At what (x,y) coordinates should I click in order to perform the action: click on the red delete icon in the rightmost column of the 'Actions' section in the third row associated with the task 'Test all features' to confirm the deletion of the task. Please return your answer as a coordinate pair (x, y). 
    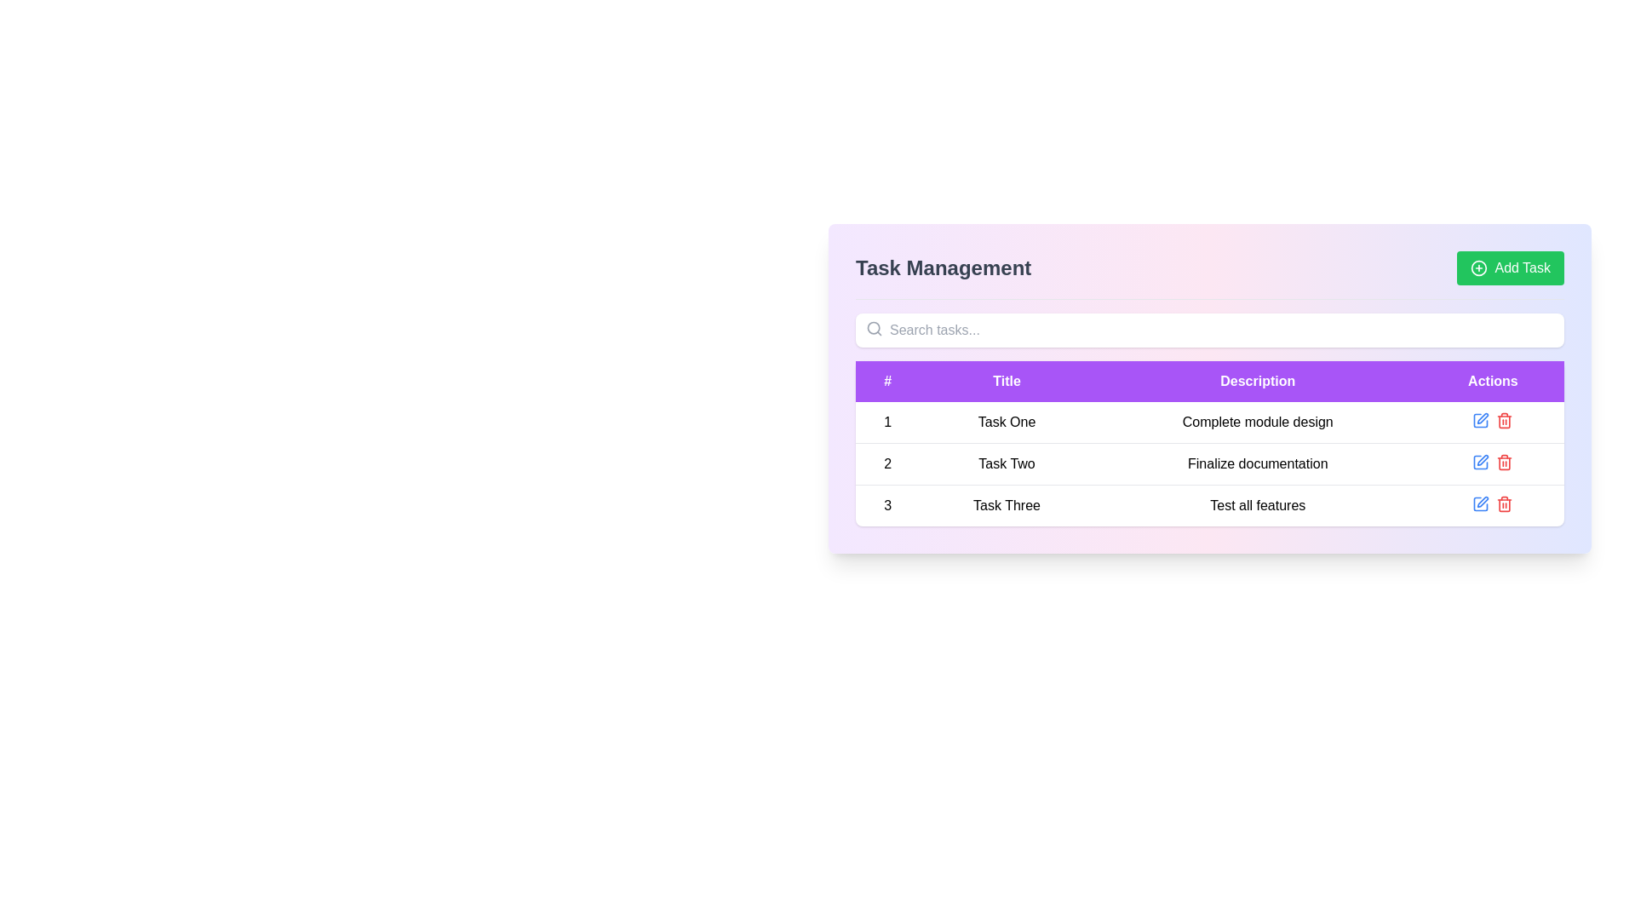
    Looking at the image, I should click on (1492, 503).